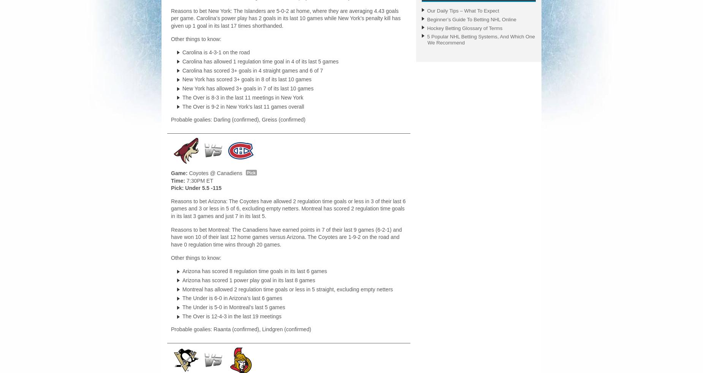  I want to click on 'Pick: Under 5.5 -115', so click(196, 188).